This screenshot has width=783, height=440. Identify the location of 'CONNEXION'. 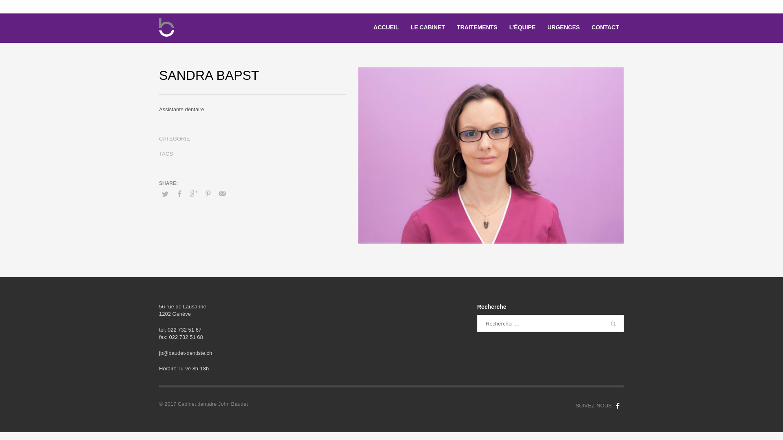
(597, 6).